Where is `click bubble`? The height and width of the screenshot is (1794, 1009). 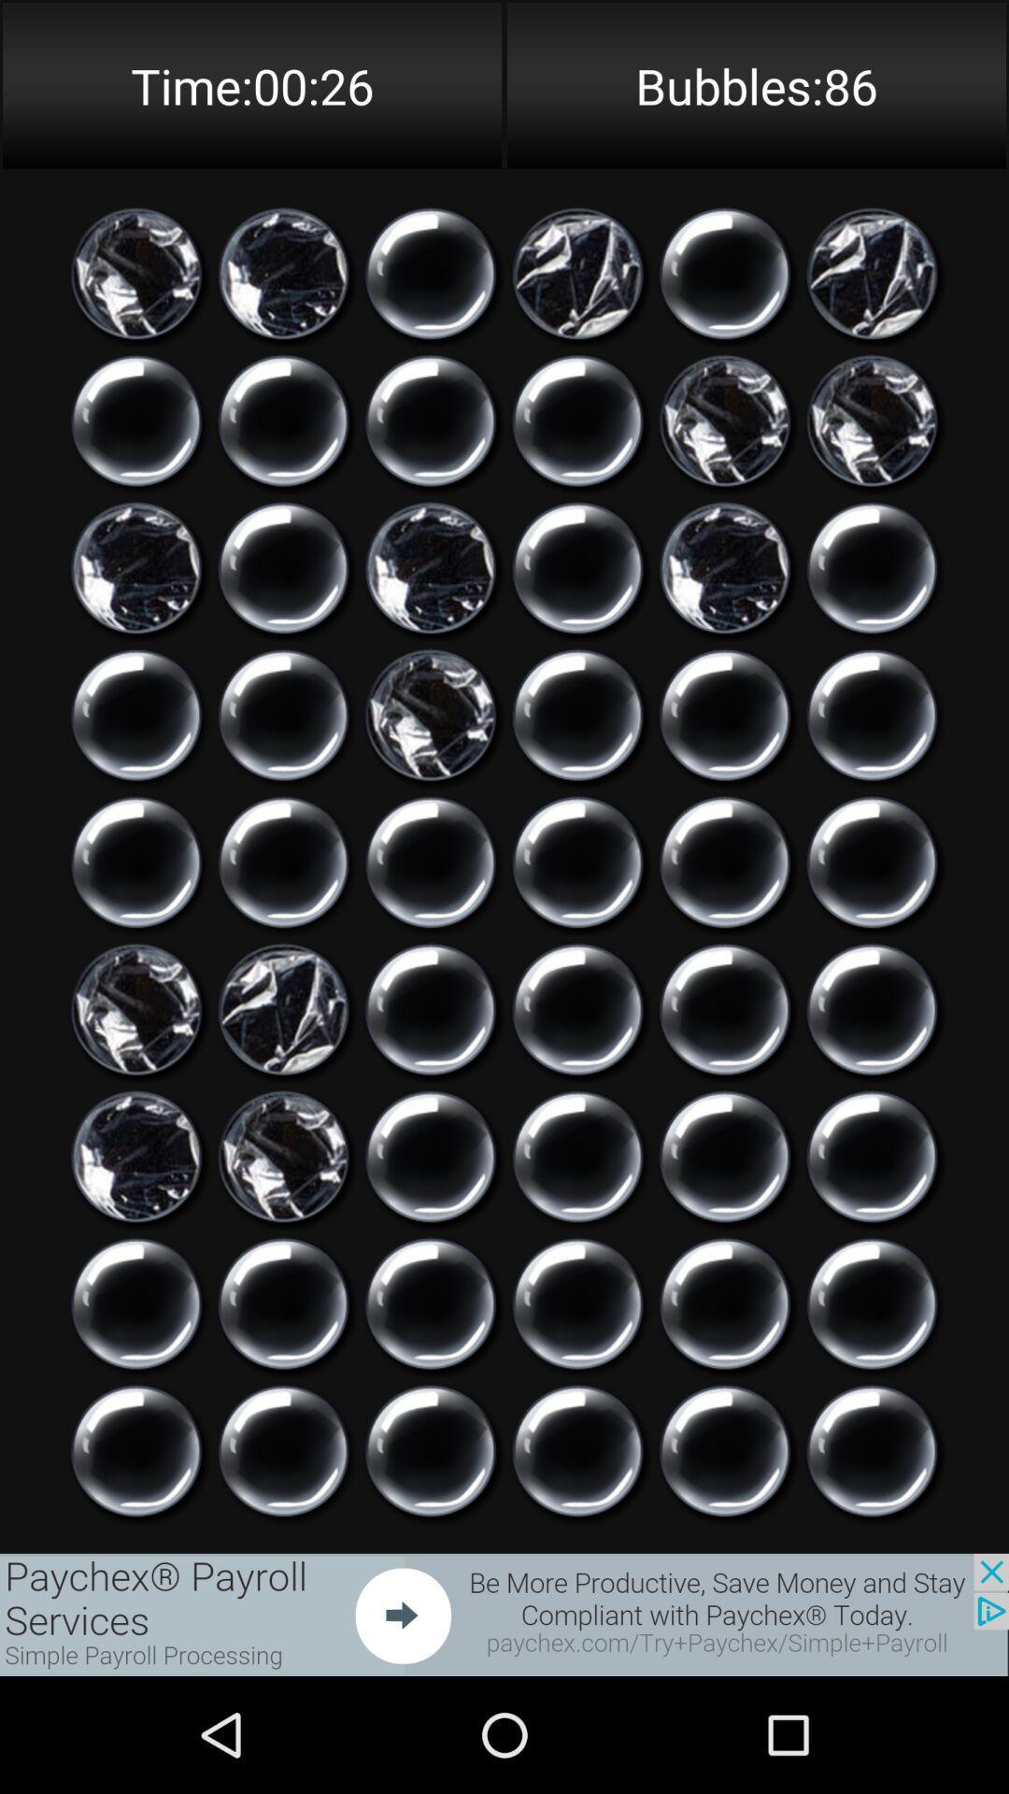 click bubble is located at coordinates (135, 1303).